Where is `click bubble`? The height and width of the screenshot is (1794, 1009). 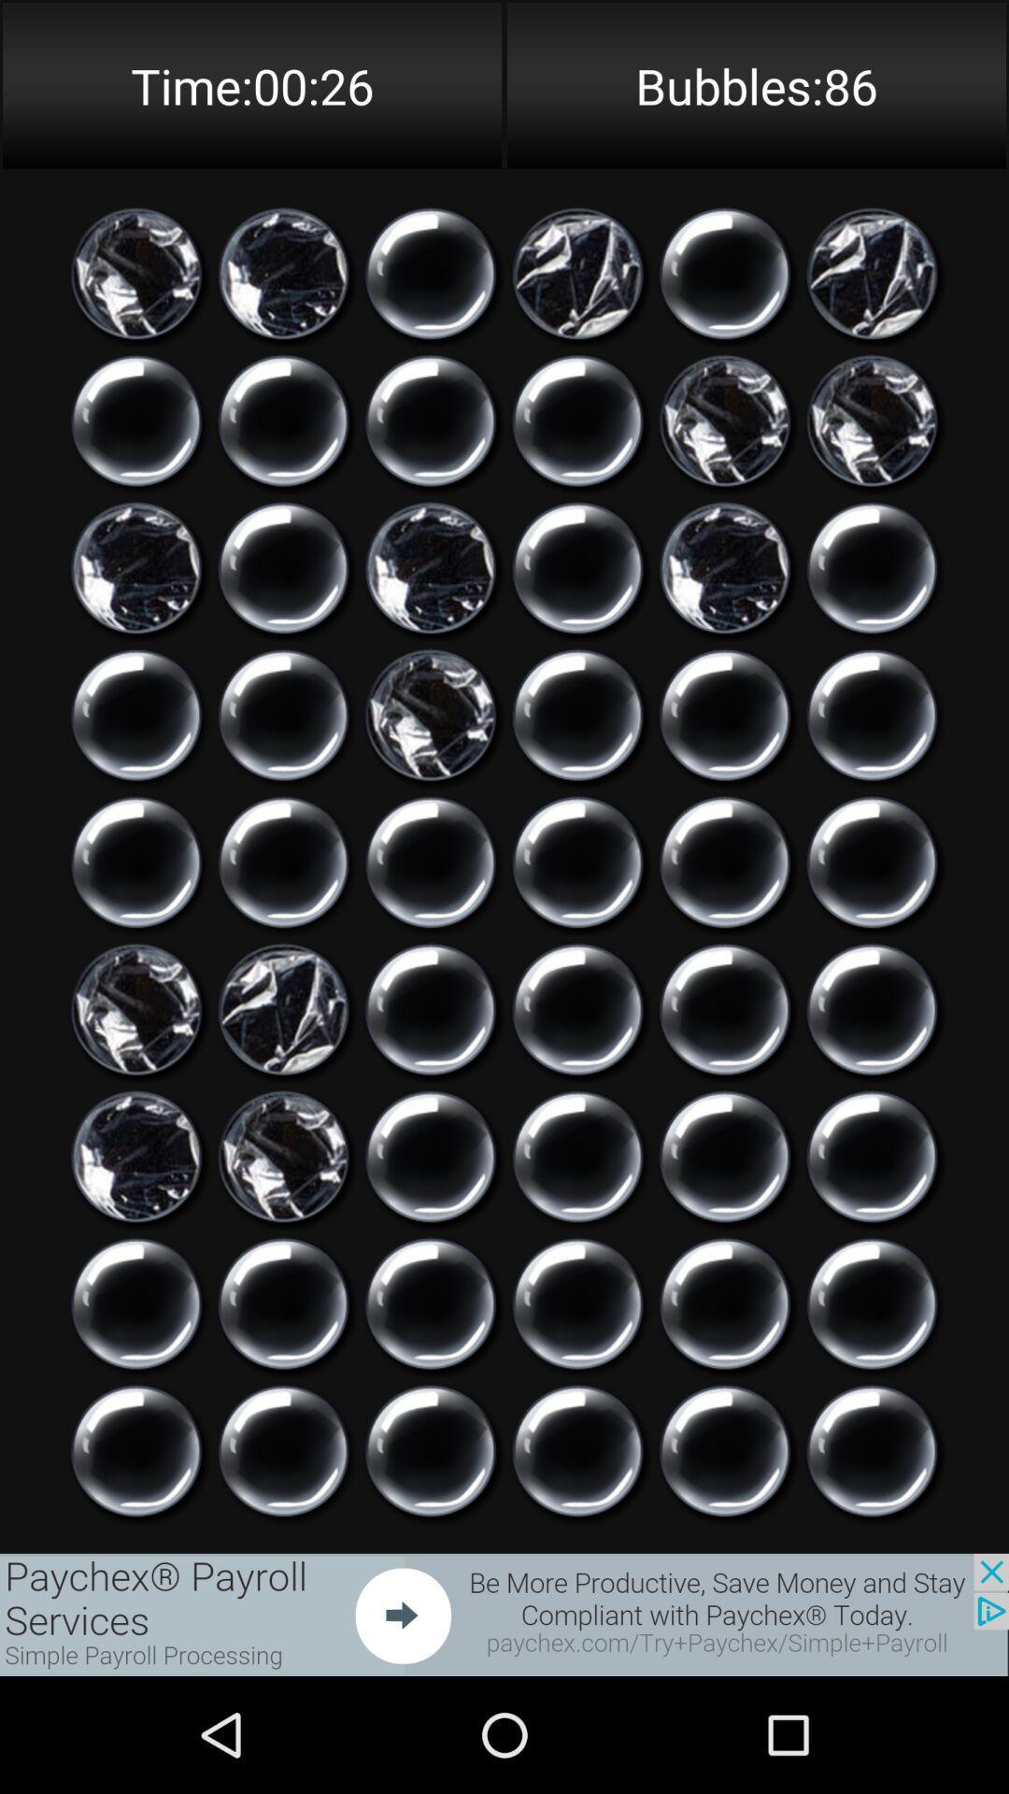 click bubble is located at coordinates (135, 1303).